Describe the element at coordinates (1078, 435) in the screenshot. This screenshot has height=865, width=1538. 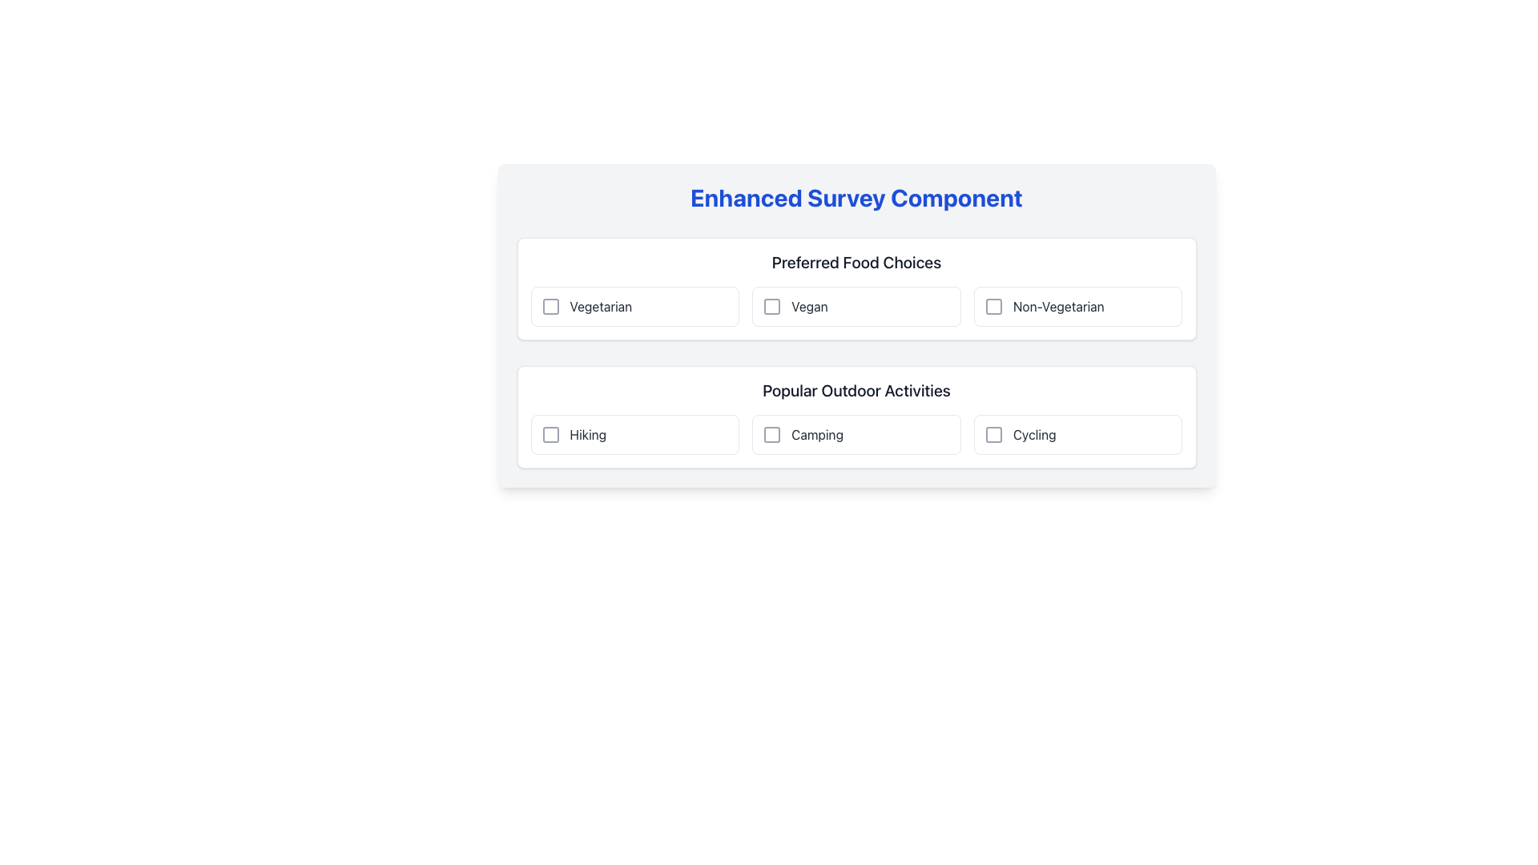
I see `the 'Cycling' checkbox, the last item in the 'Popular Outdoor Activities' row` at that location.